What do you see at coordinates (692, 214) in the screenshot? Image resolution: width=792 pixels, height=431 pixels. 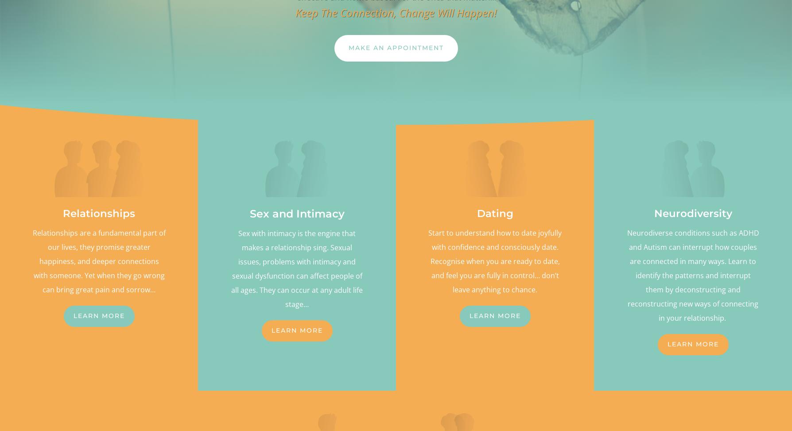 I see `'Neurodiversity'` at bounding box center [692, 214].